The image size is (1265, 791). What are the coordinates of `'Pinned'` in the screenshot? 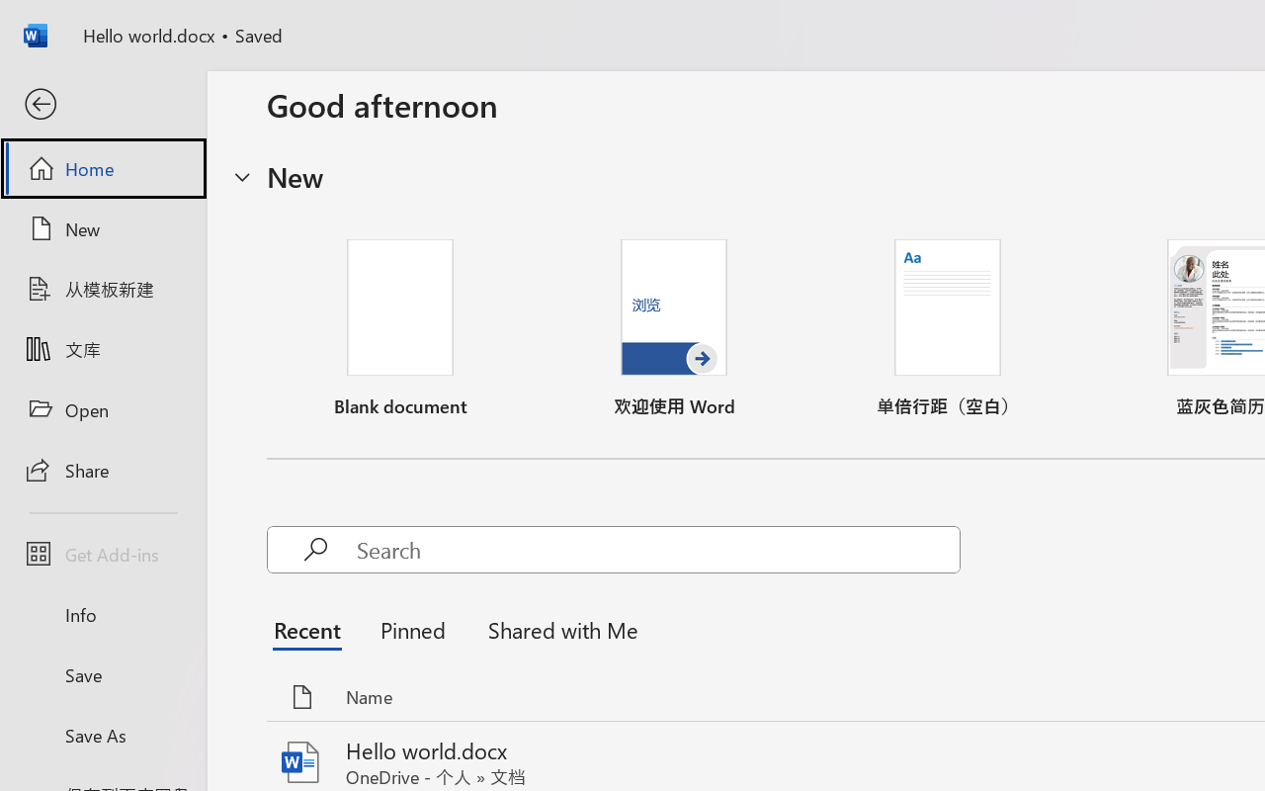 It's located at (411, 628).